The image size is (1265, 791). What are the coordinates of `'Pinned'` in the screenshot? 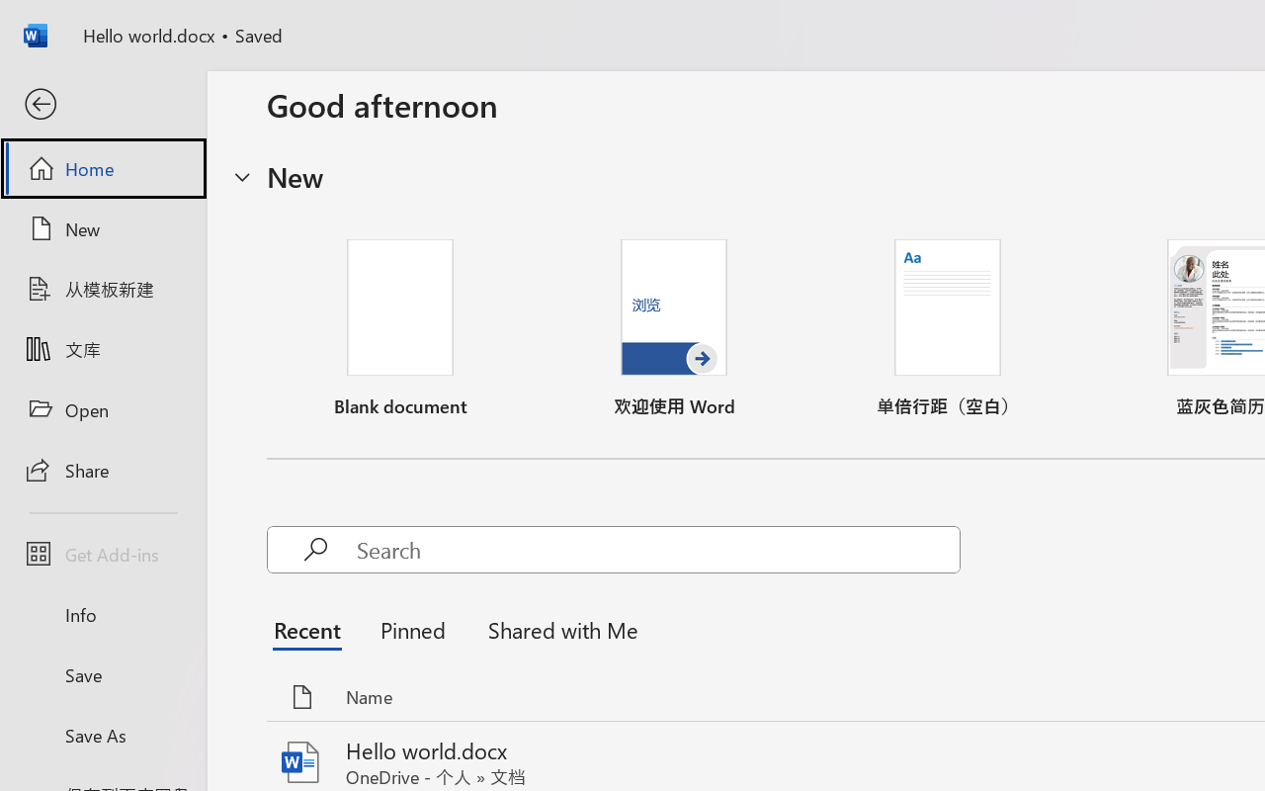 It's located at (411, 628).